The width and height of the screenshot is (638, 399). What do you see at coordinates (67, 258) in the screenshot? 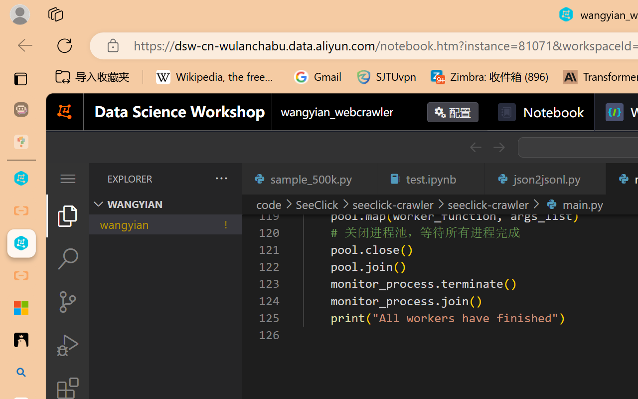
I see `'Search (Ctrl+Shift+F)'` at bounding box center [67, 258].